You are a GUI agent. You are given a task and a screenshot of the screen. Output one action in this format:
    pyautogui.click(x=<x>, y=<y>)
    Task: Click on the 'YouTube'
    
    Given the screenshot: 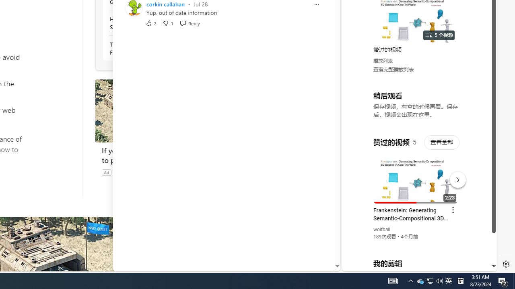 What is the action you would take?
    pyautogui.click(x=416, y=173)
    